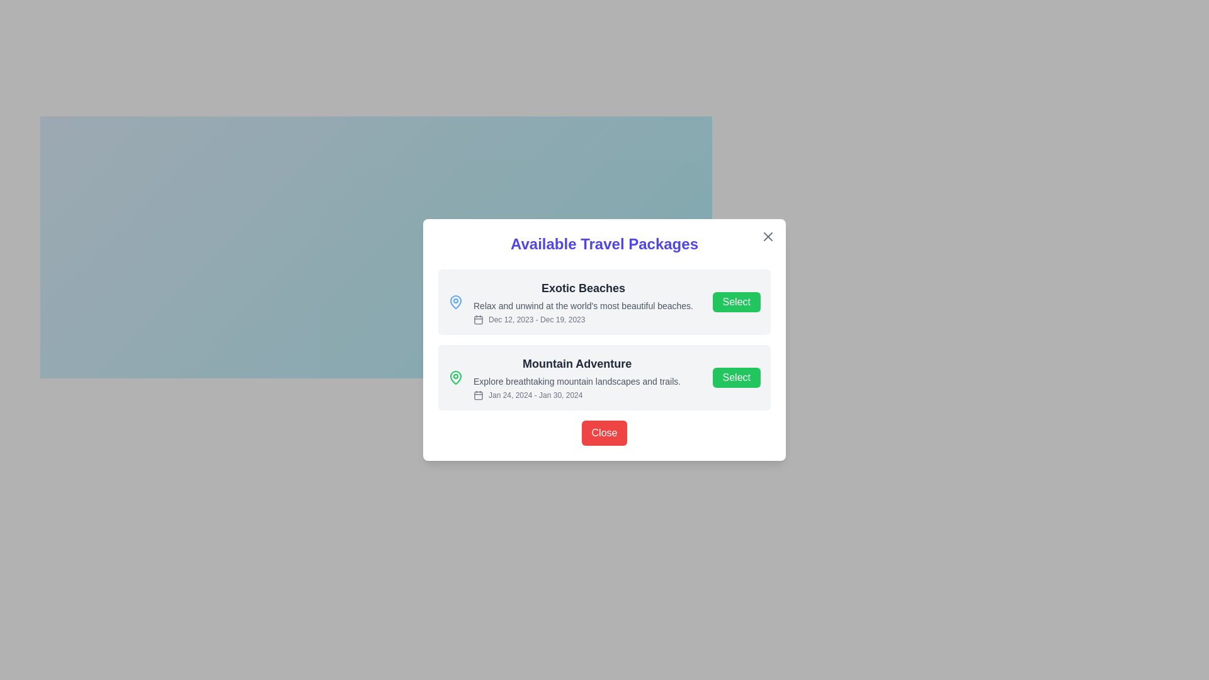  I want to click on the Informational Text Block titled 'Mountain Adventure', so click(576, 377).